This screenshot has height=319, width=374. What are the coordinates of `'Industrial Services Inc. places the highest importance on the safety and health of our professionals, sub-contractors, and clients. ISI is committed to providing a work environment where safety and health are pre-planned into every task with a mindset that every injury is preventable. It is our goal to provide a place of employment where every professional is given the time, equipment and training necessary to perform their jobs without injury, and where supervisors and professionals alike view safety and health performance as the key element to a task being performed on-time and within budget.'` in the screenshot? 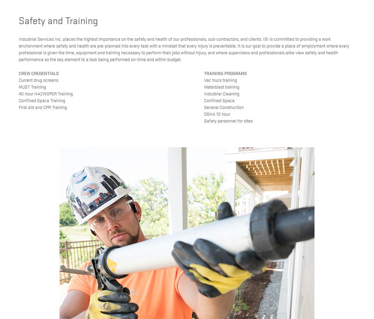 It's located at (184, 49).